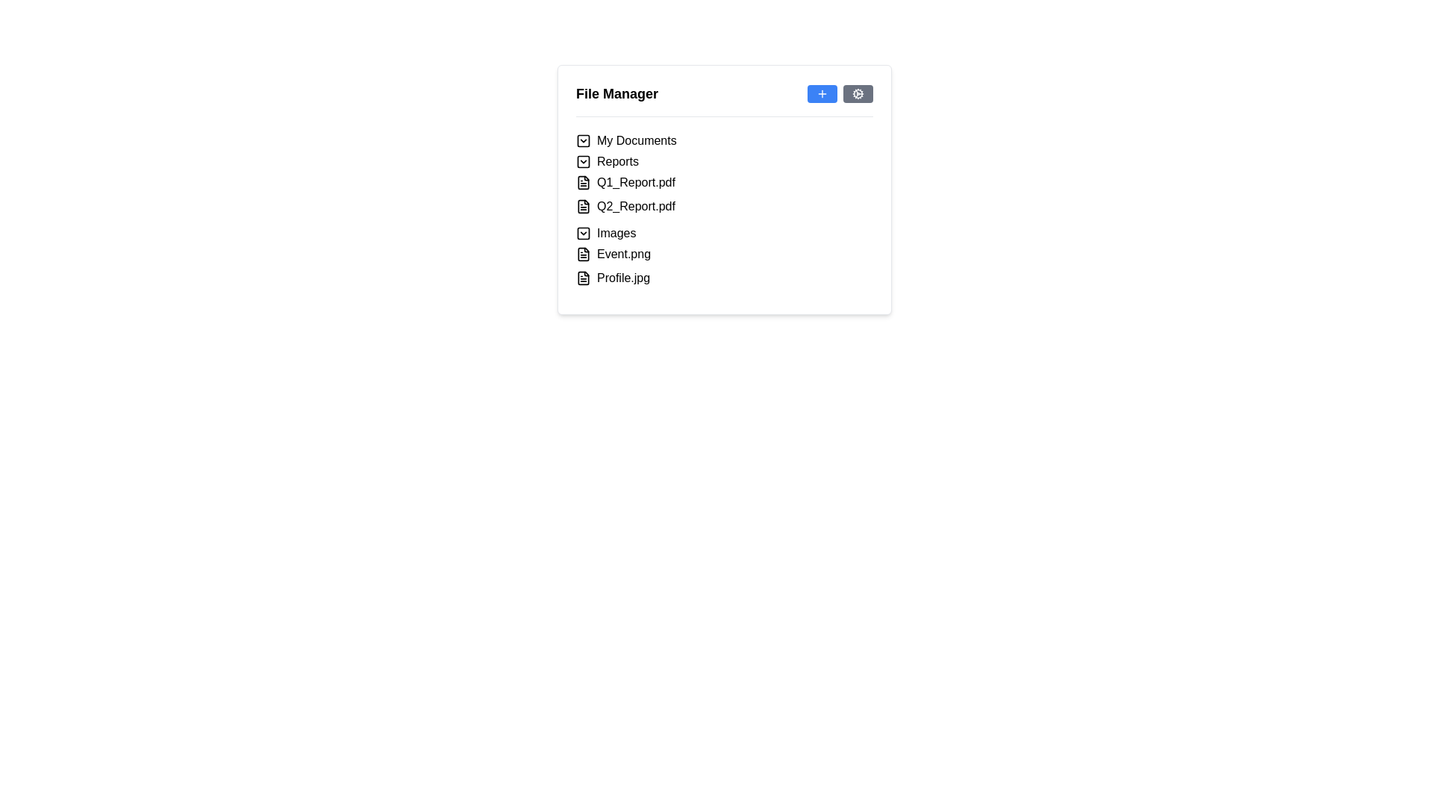 This screenshot has height=806, width=1433. Describe the element at coordinates (583, 207) in the screenshot. I see `the text document icon associated with the file name 'Q2_Report.pdf' located in the list of files` at that location.